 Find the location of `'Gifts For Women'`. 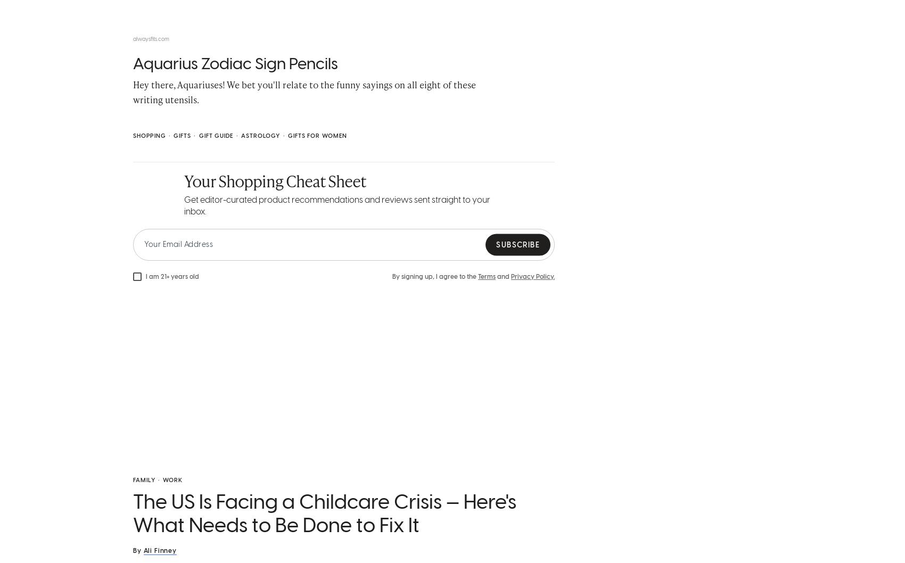

'Gifts For Women' is located at coordinates (317, 138).